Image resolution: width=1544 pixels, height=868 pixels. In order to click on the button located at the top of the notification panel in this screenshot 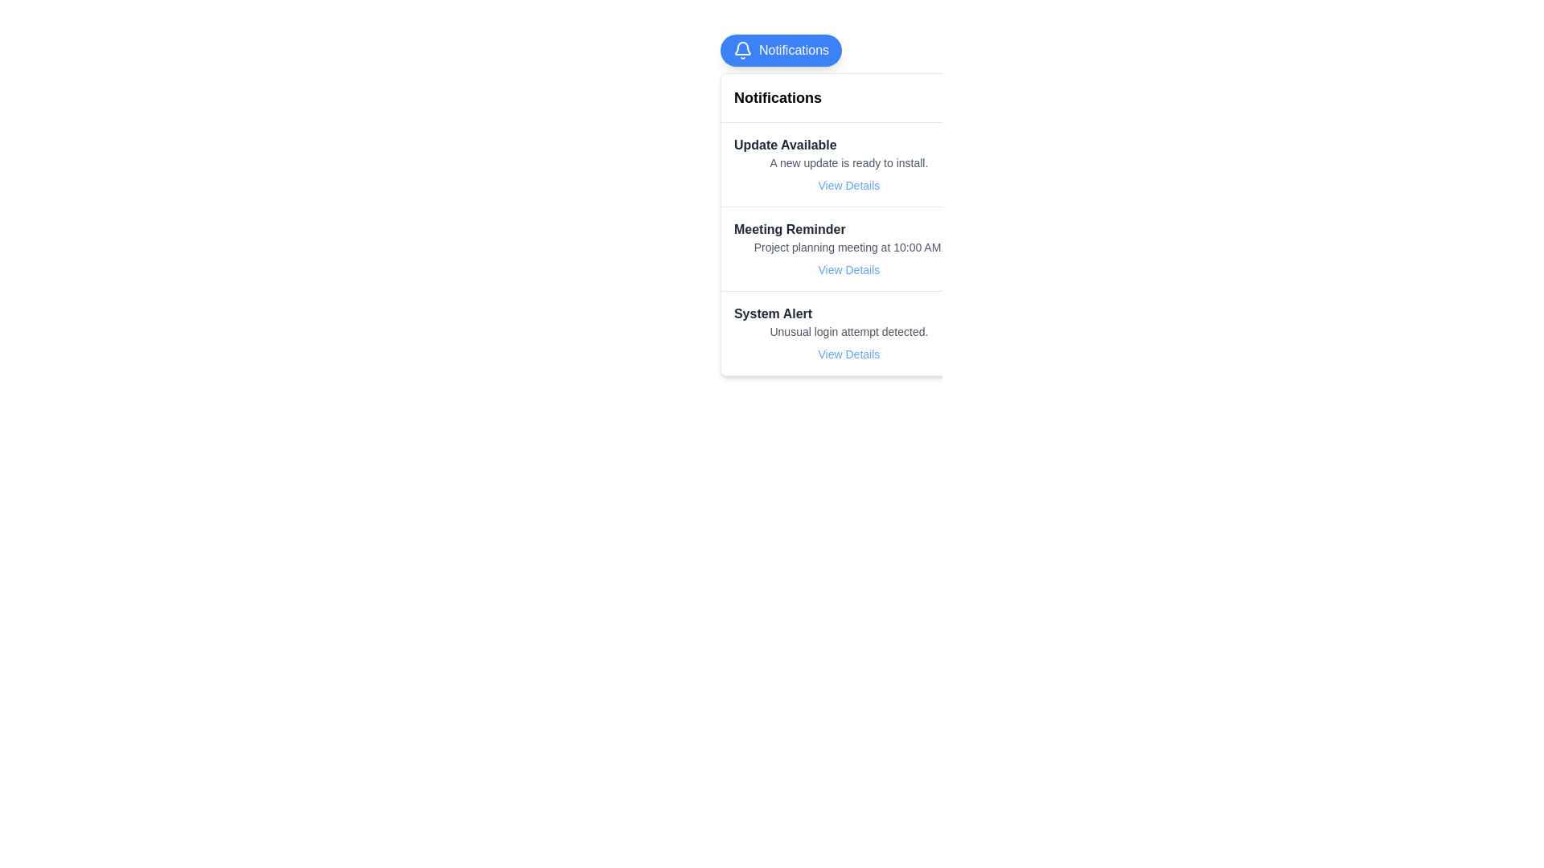, I will do `click(781, 49)`.